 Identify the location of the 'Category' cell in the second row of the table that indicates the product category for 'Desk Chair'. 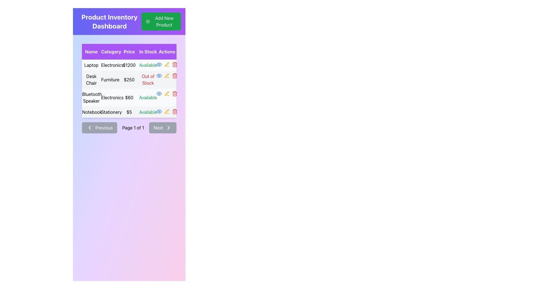
(110, 80).